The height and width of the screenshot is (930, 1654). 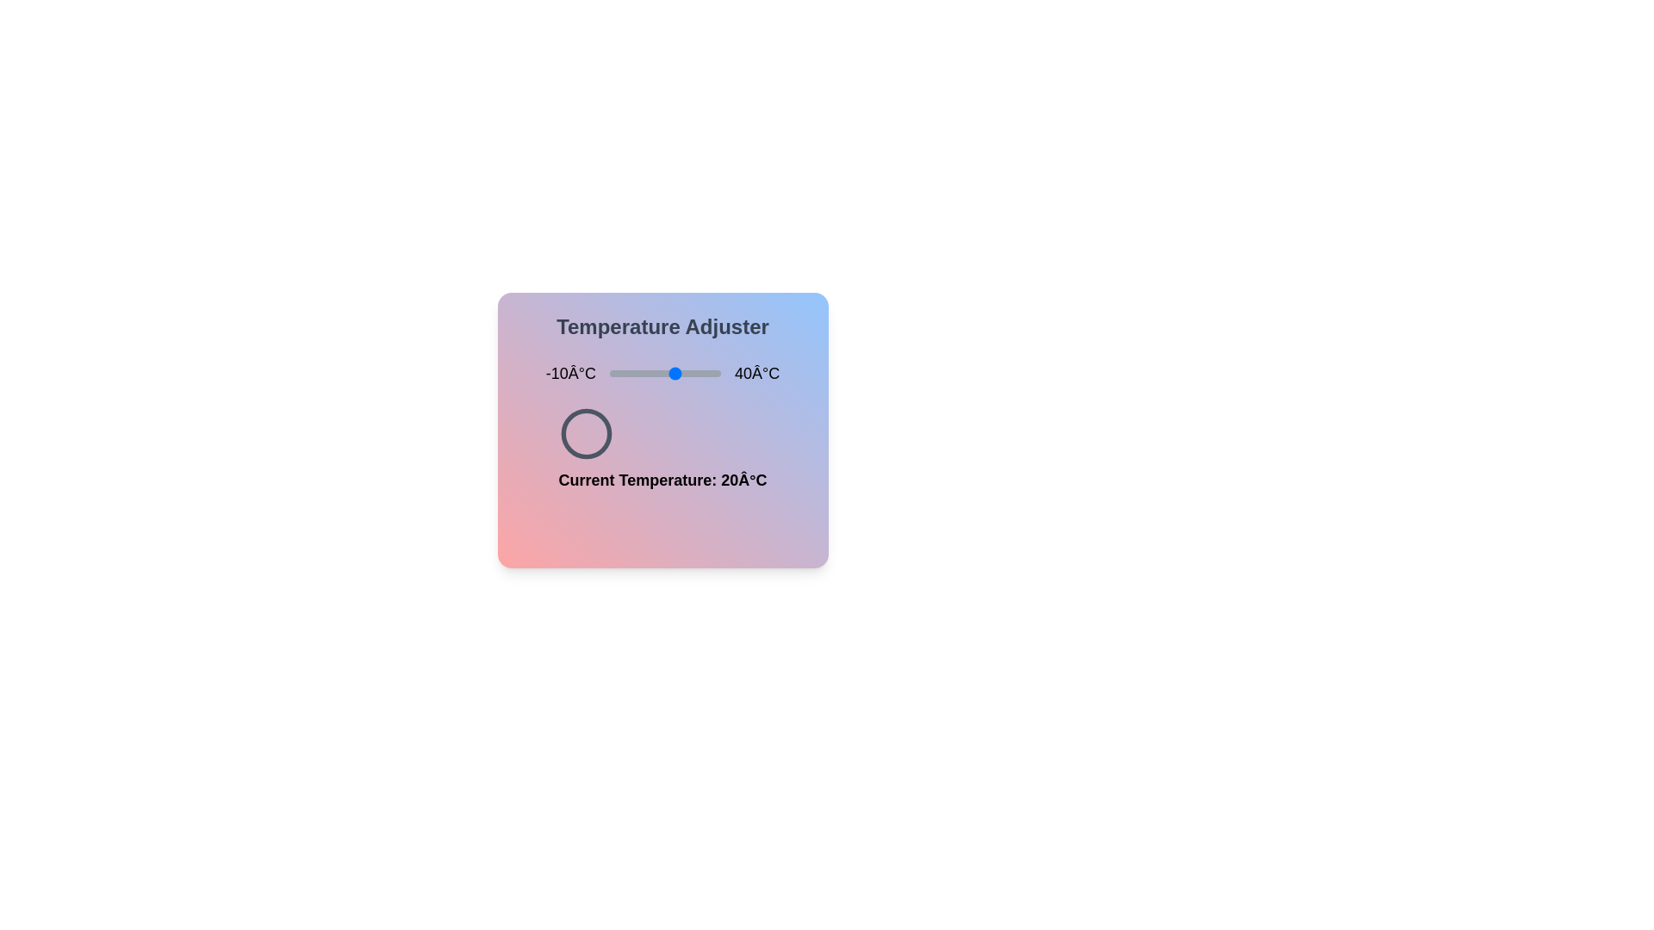 What do you see at coordinates (712, 373) in the screenshot?
I see `the temperature to 36 degrees Celsius using the slider` at bounding box center [712, 373].